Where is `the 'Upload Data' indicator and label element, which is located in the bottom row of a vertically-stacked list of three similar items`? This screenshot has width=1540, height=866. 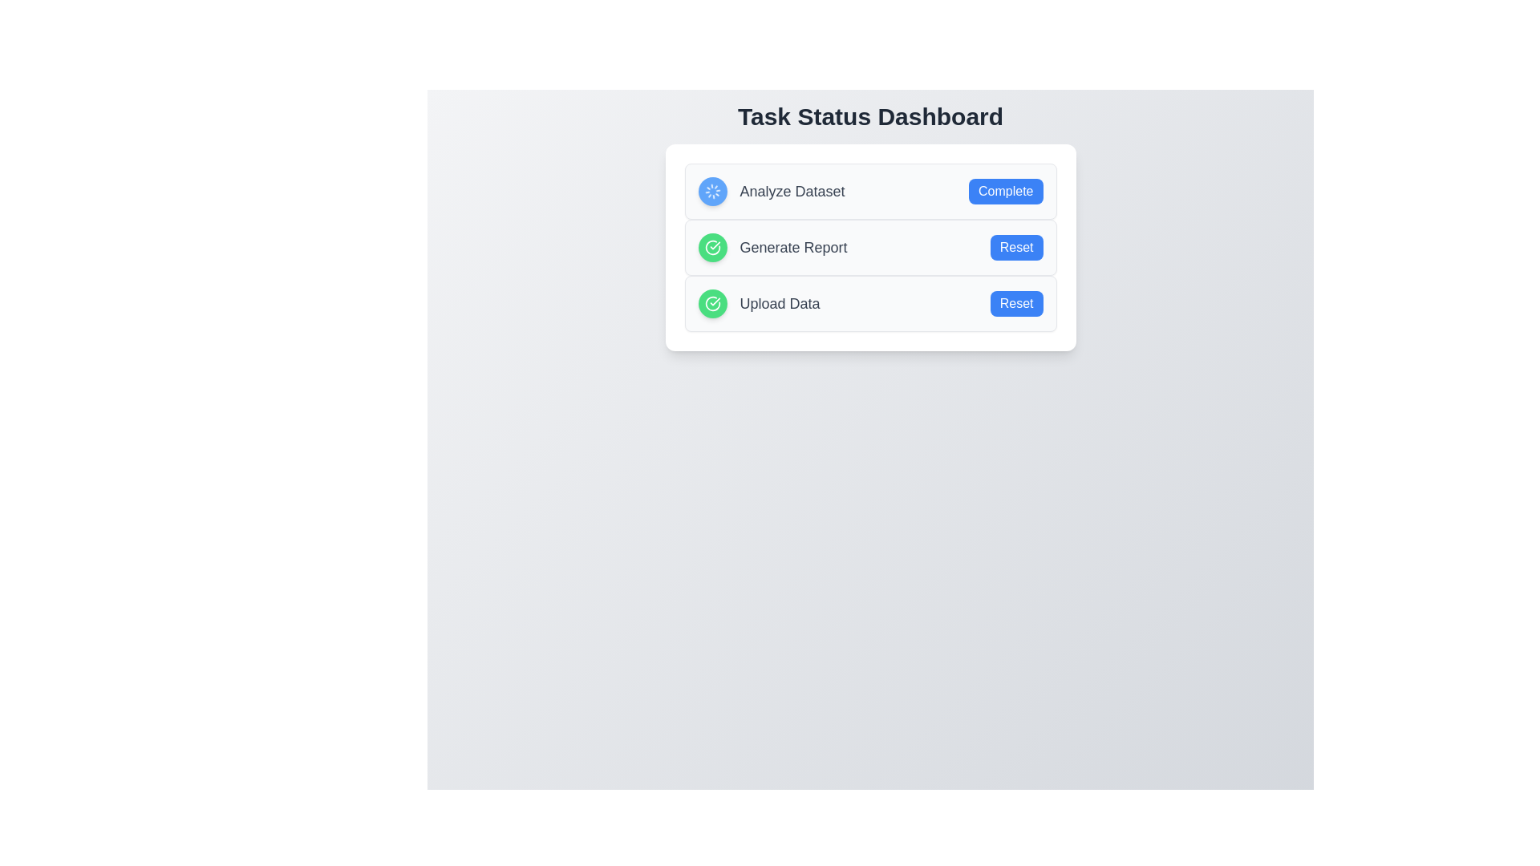 the 'Upload Data' indicator and label element, which is located in the bottom row of a vertically-stacked list of three similar items is located at coordinates (758, 303).